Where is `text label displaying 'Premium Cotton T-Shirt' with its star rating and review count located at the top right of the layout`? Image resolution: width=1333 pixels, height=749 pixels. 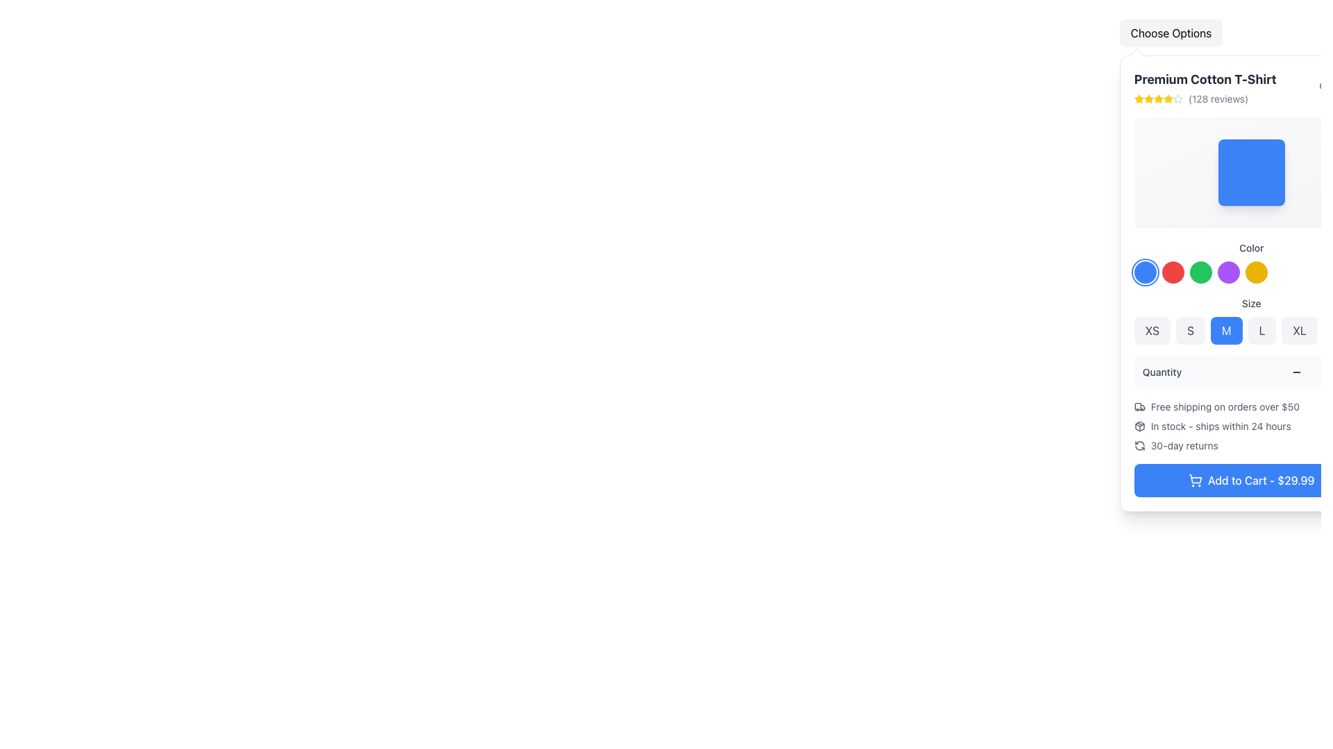
text label displaying 'Premium Cotton T-Shirt' with its star rating and review count located at the top right of the layout is located at coordinates (1205, 88).